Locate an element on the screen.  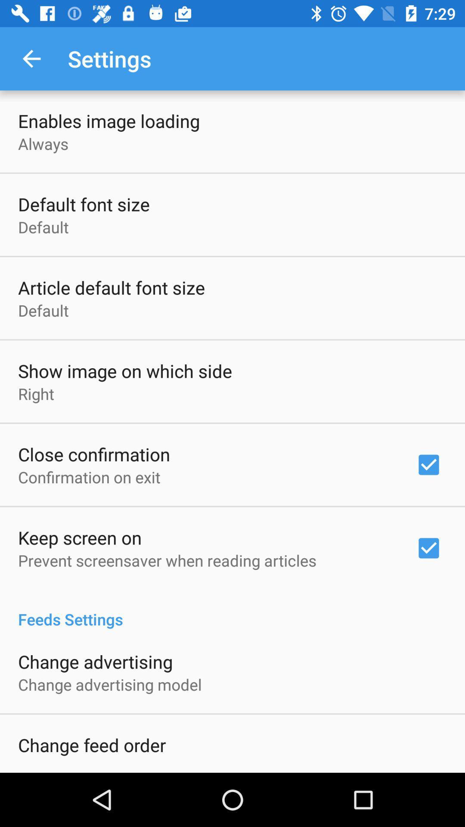
icon below the enables image loading icon is located at coordinates (43, 143).